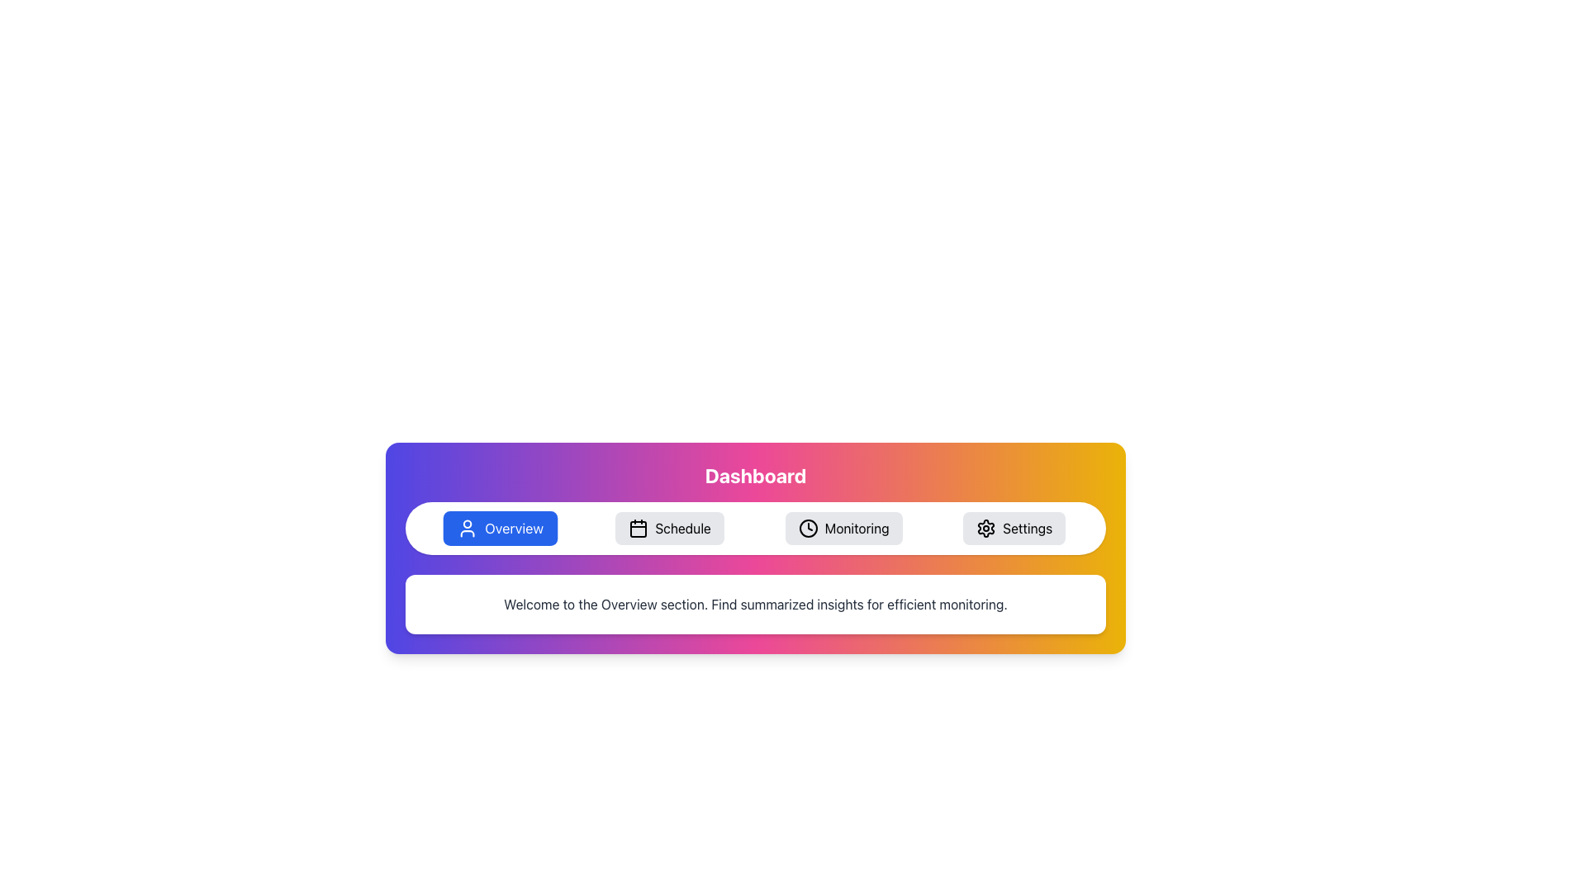 Image resolution: width=1586 pixels, height=892 pixels. Describe the element at coordinates (638, 529) in the screenshot. I see `the 'Schedule' icon in the navigation menu` at that location.